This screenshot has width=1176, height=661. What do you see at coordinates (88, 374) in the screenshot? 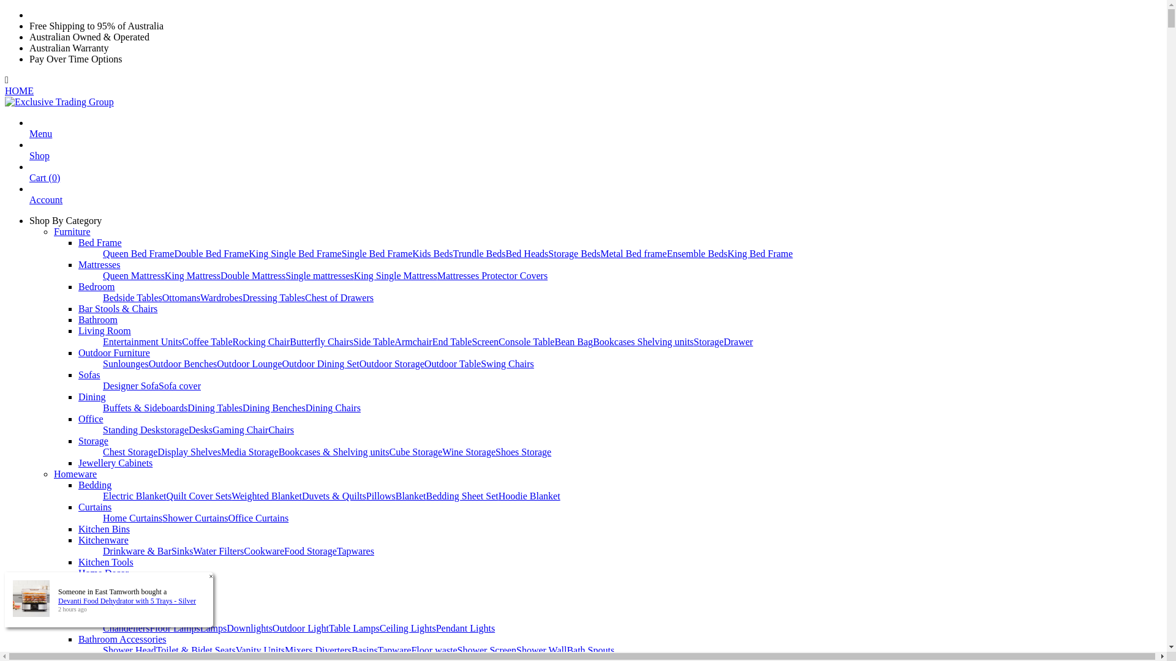
I see `'Sofas'` at bounding box center [88, 374].